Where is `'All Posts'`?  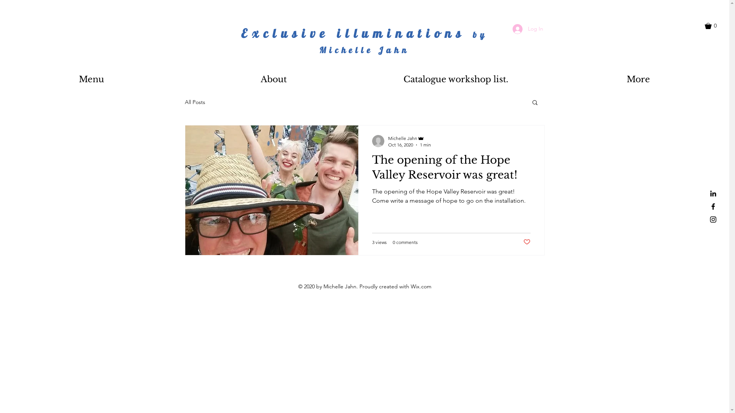
'All Posts' is located at coordinates (194, 101).